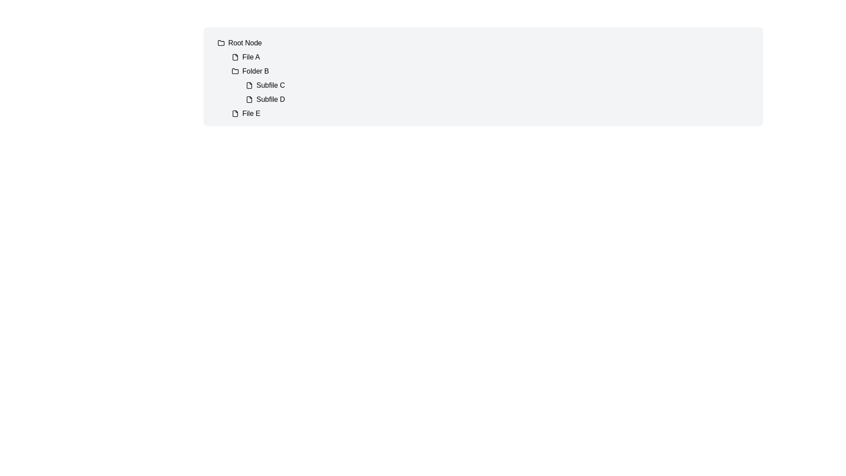  Describe the element at coordinates (270, 85) in the screenshot. I see `the text label for the subfile node located under the 'Folder B' node in the hierarchical file tree` at that location.